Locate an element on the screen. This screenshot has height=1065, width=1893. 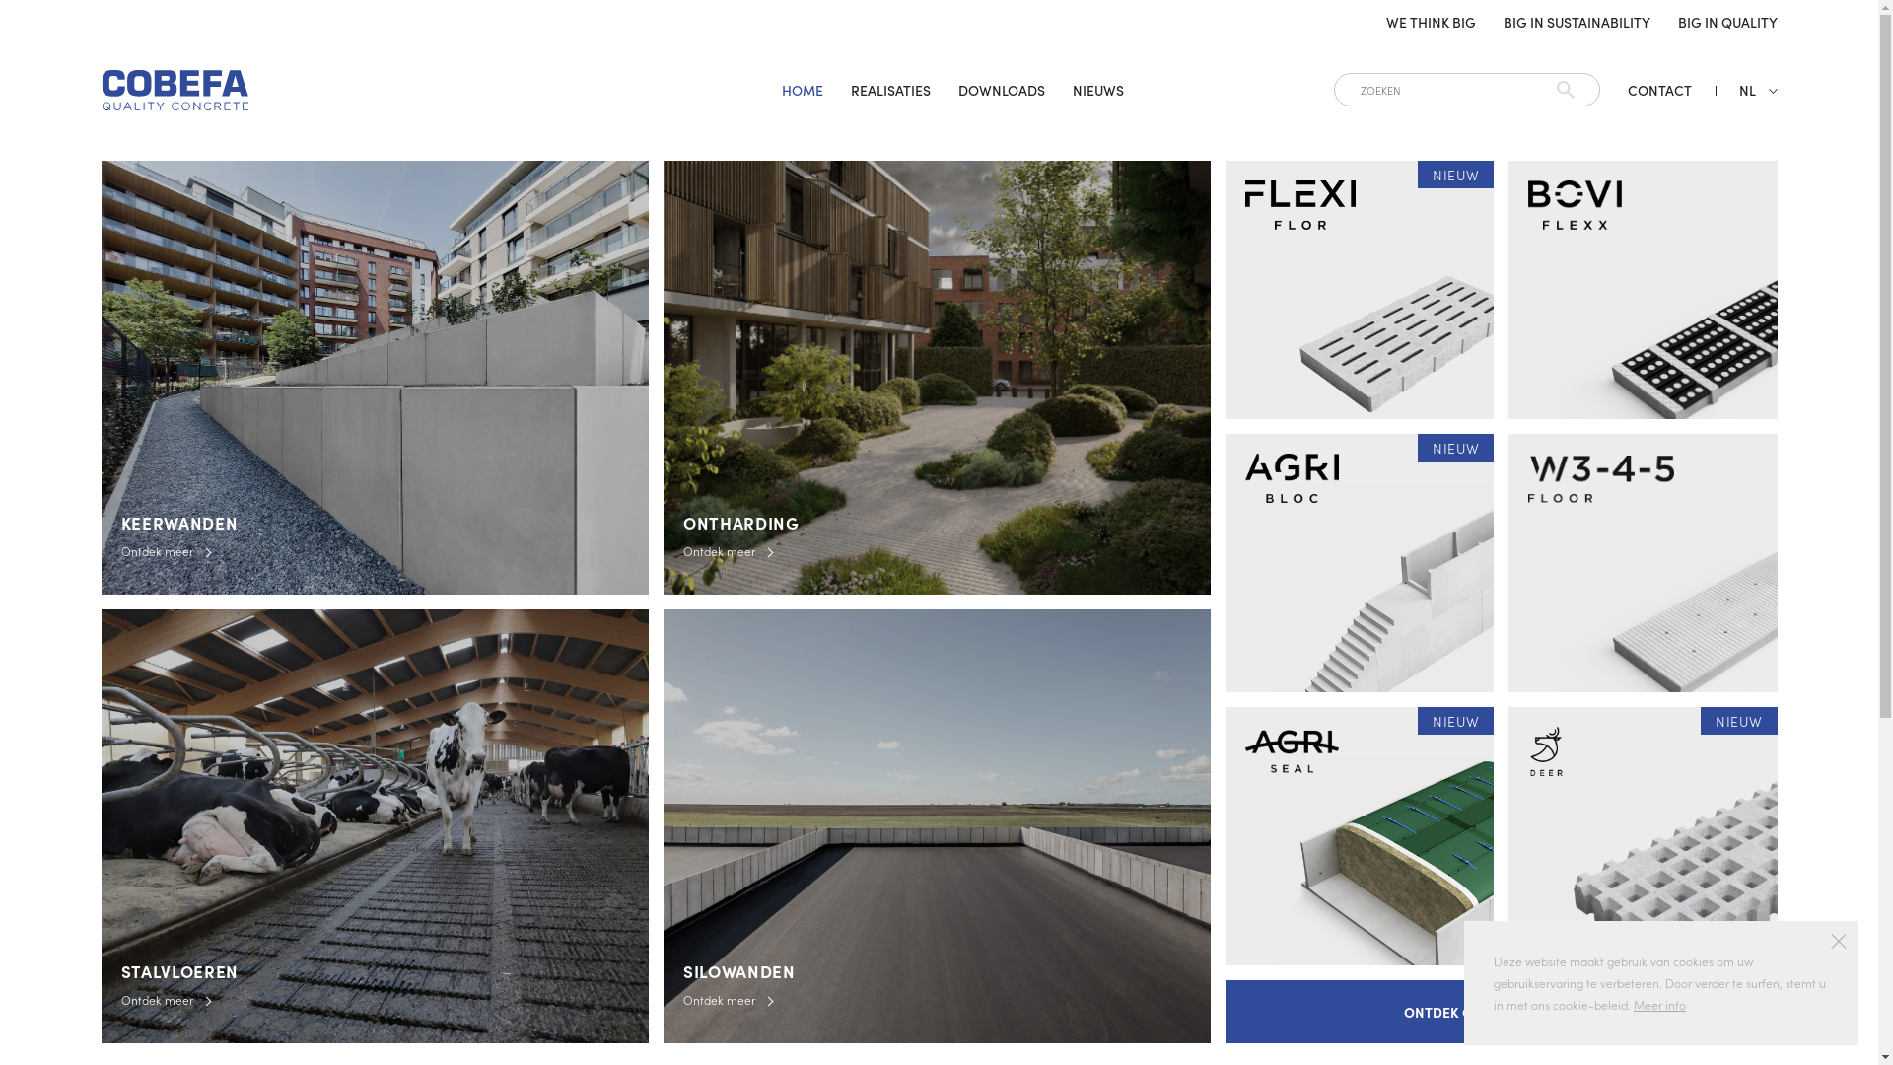
'REALISATIES' is located at coordinates (889, 90).